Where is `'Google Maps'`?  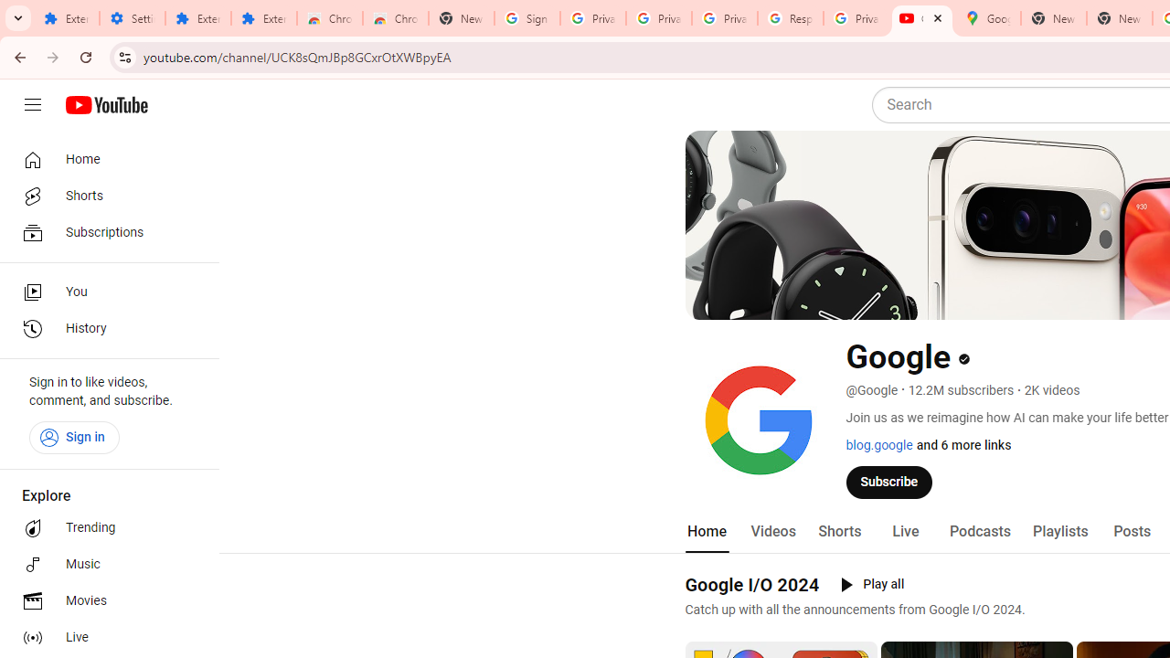
'Google Maps' is located at coordinates (986, 18).